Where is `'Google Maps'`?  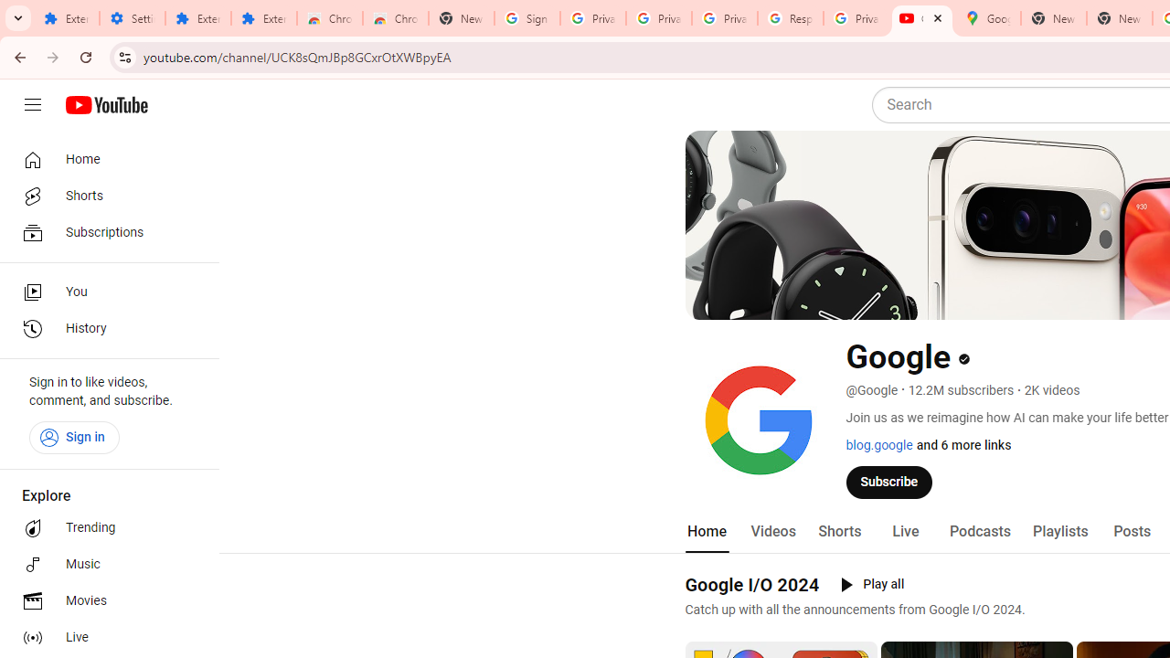
'Google Maps' is located at coordinates (986, 18).